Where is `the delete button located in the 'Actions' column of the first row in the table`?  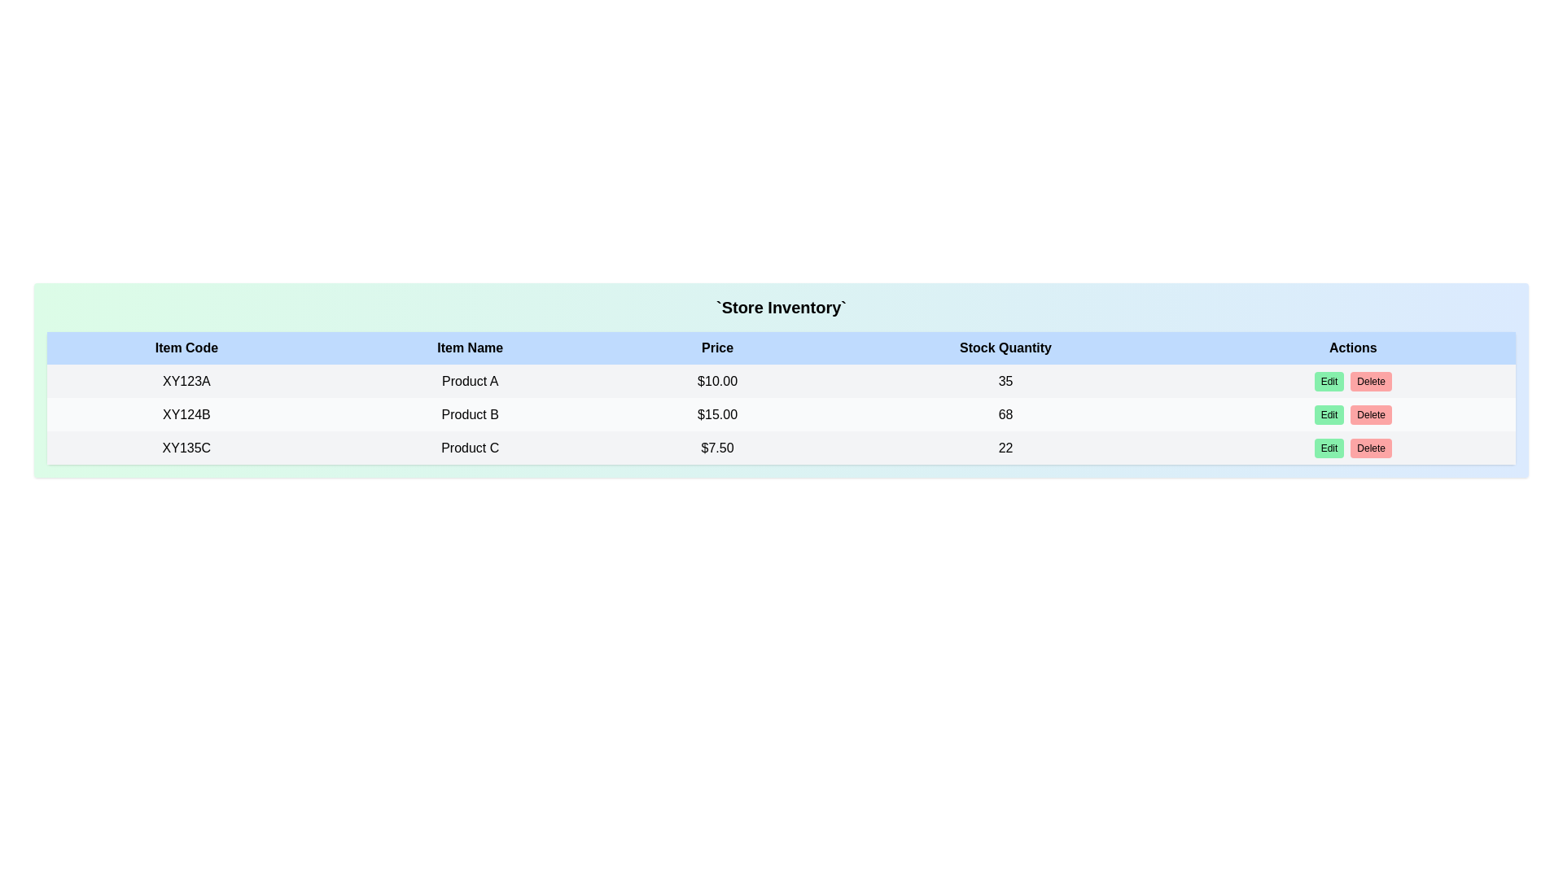 the delete button located in the 'Actions' column of the first row in the table is located at coordinates (1370, 382).